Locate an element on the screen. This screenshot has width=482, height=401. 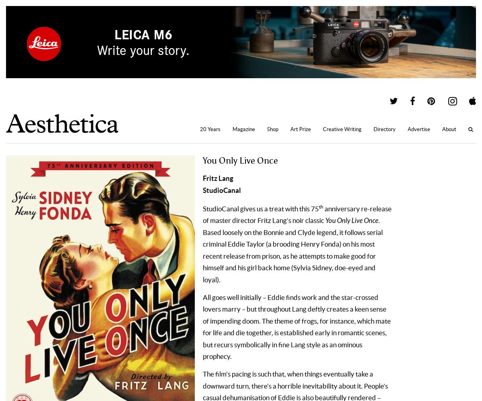
'Fritz Lang' is located at coordinates (218, 177).